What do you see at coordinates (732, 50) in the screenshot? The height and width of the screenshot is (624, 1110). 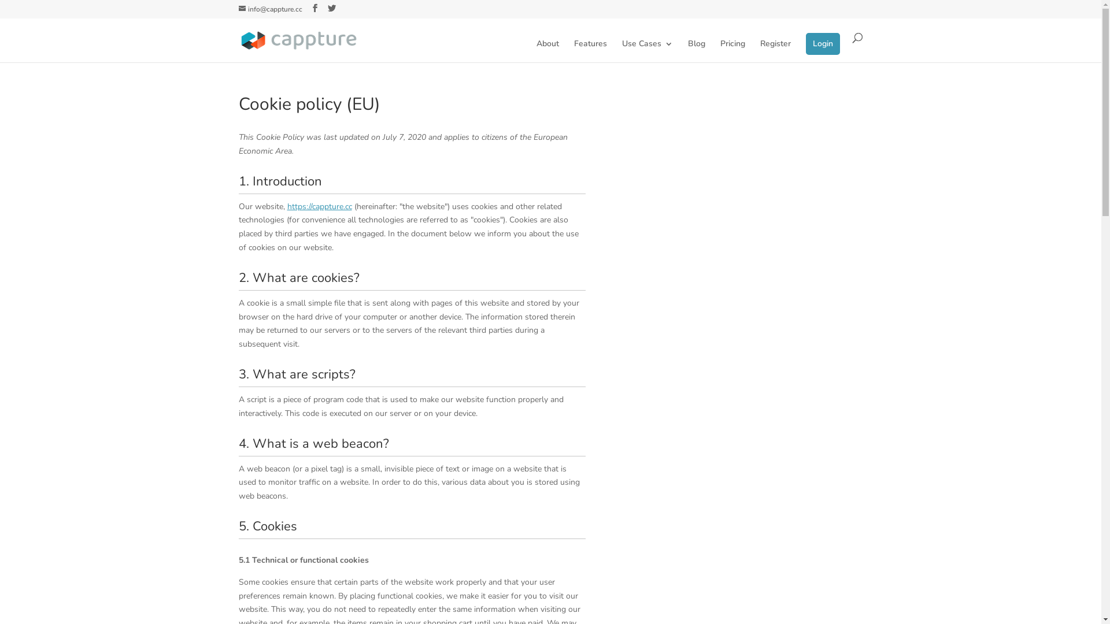 I see `'Pricing'` at bounding box center [732, 50].